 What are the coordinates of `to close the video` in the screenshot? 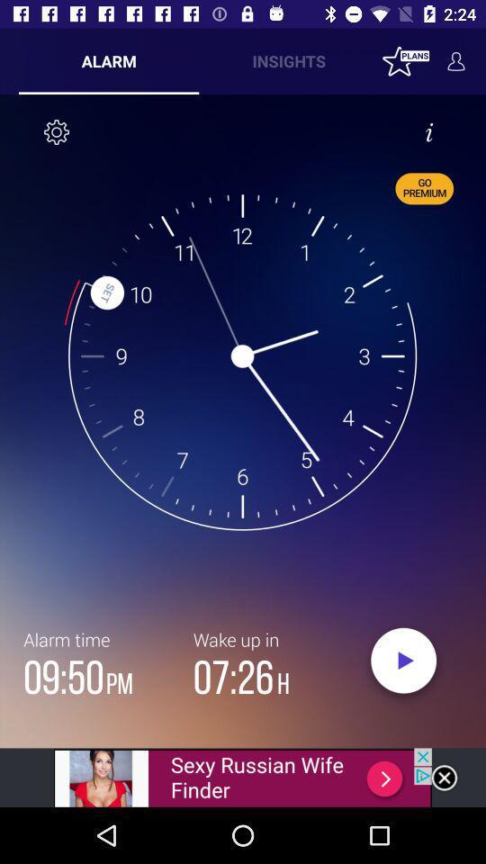 It's located at (443, 777).